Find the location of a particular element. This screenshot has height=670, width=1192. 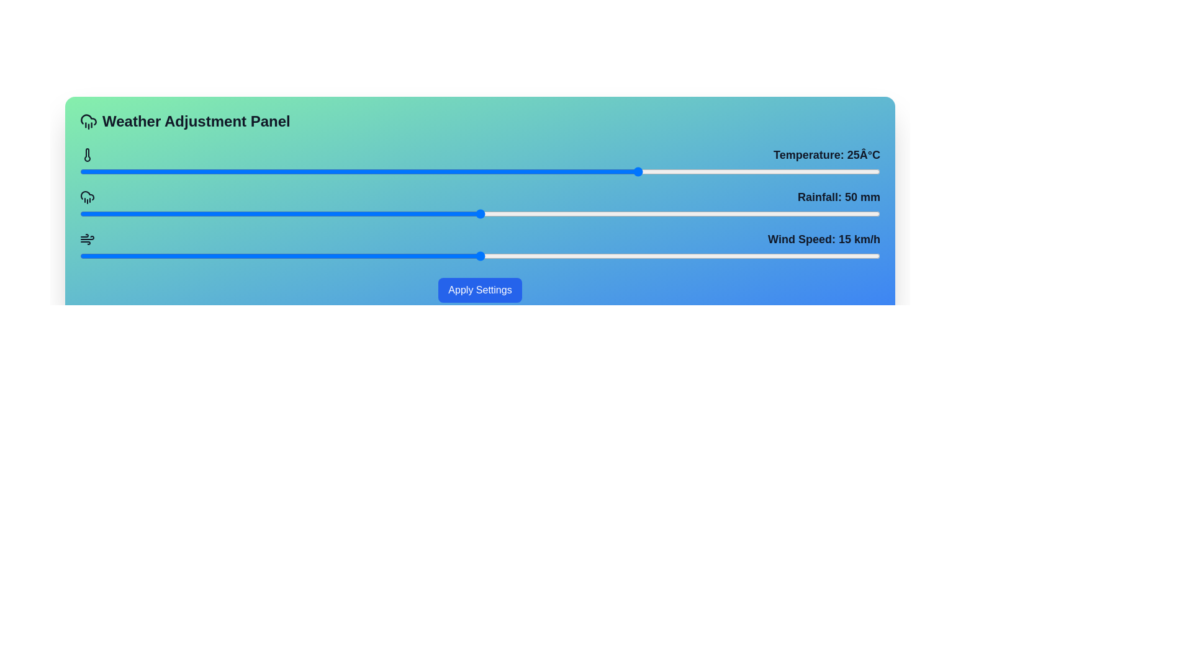

the temperature slider is located at coordinates (351, 172).